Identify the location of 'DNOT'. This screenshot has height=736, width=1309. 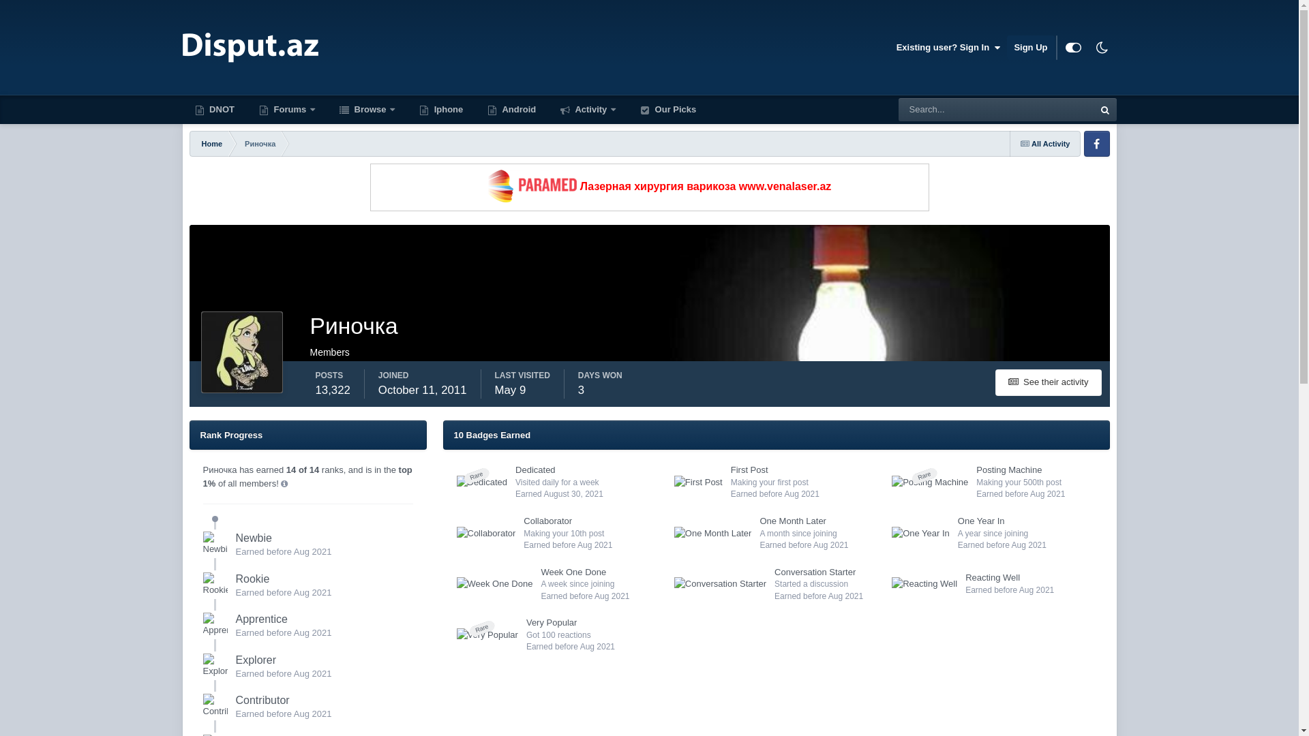
(214, 109).